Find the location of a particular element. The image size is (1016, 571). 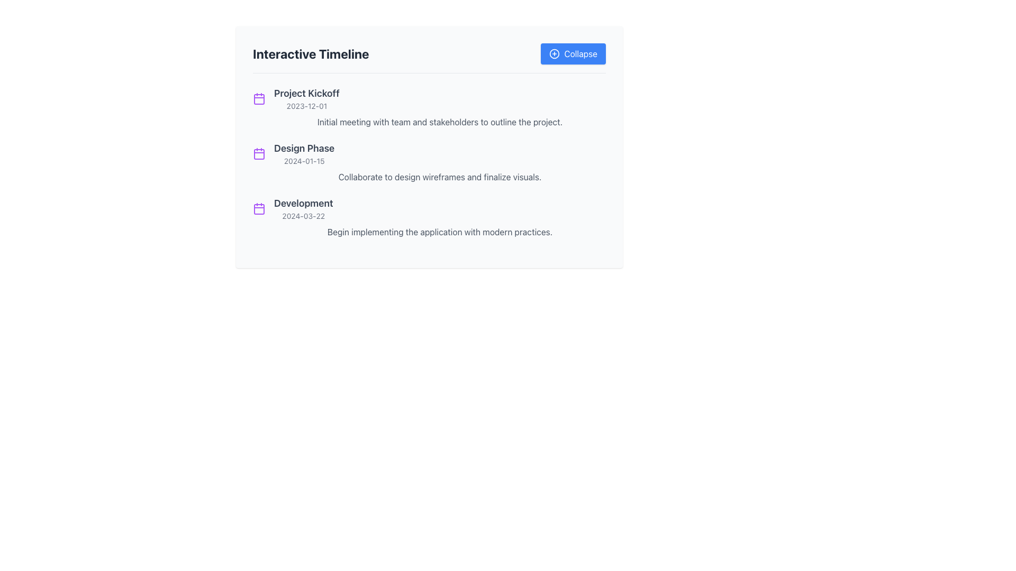

date displayed for the 'Project Kickoff' event located beneath the text 'Project Kickoff' in the timeline layout is located at coordinates (306, 106).